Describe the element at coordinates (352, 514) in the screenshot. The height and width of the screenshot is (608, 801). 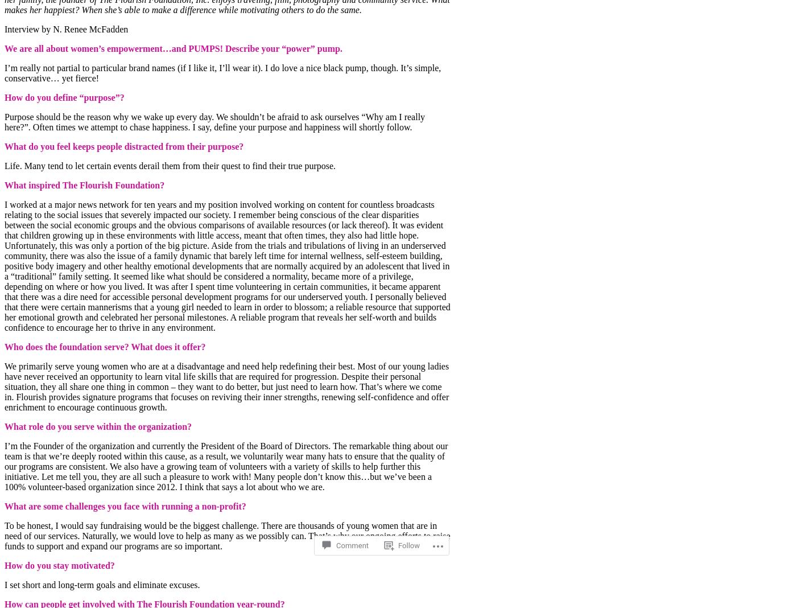
I see `'Comment'` at that location.